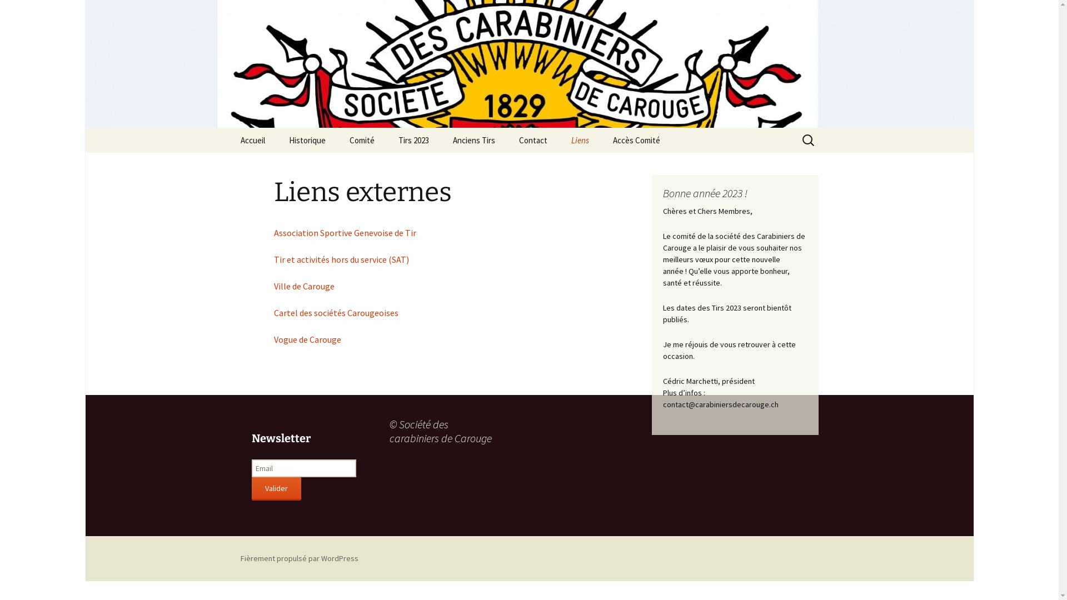 The image size is (1067, 600). I want to click on 'Tirs 2023', so click(387, 139).